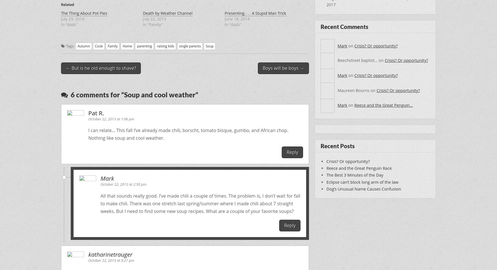 This screenshot has height=270, width=497. What do you see at coordinates (209, 46) in the screenshot?
I see `'Soup'` at bounding box center [209, 46].